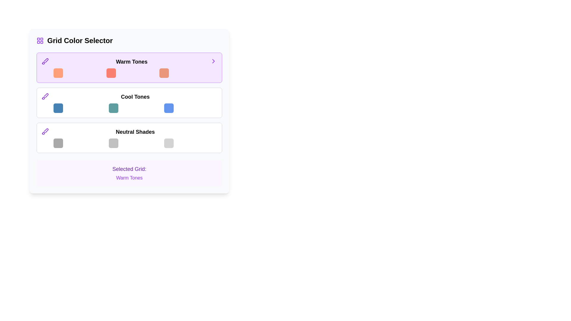  What do you see at coordinates (79, 40) in the screenshot?
I see `the Text Label that provides a title for the grid color selection interface, located in the top-left region next to a grid icon` at bounding box center [79, 40].